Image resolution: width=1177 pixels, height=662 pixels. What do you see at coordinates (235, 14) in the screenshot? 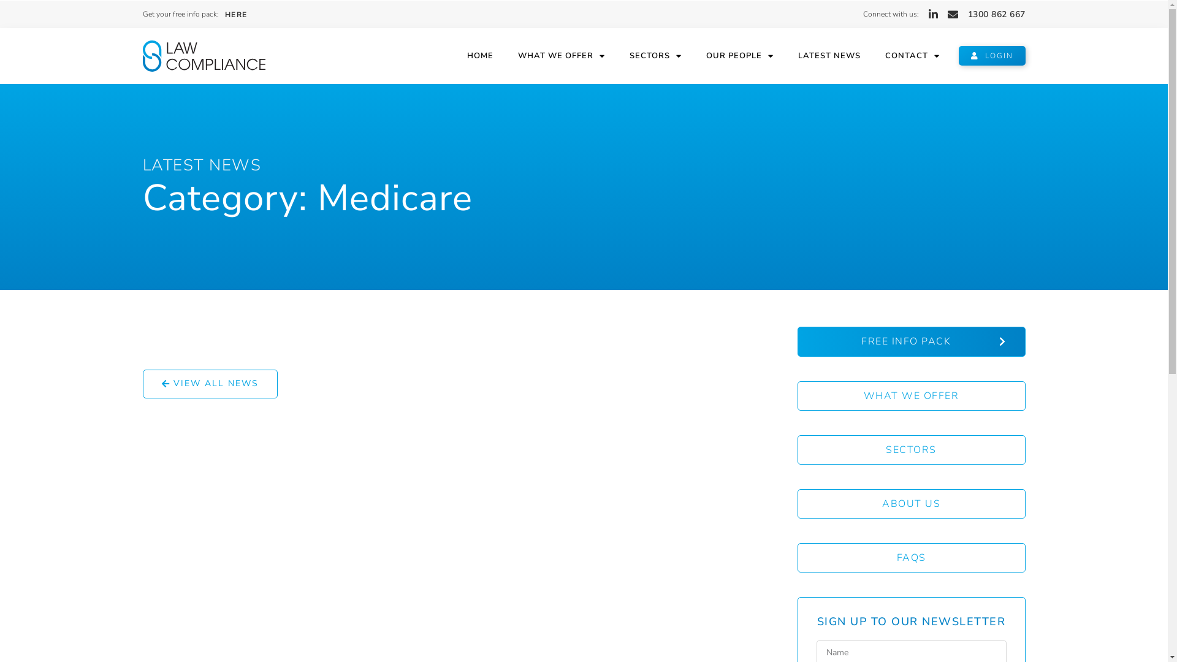
I see `'HERE'` at bounding box center [235, 14].